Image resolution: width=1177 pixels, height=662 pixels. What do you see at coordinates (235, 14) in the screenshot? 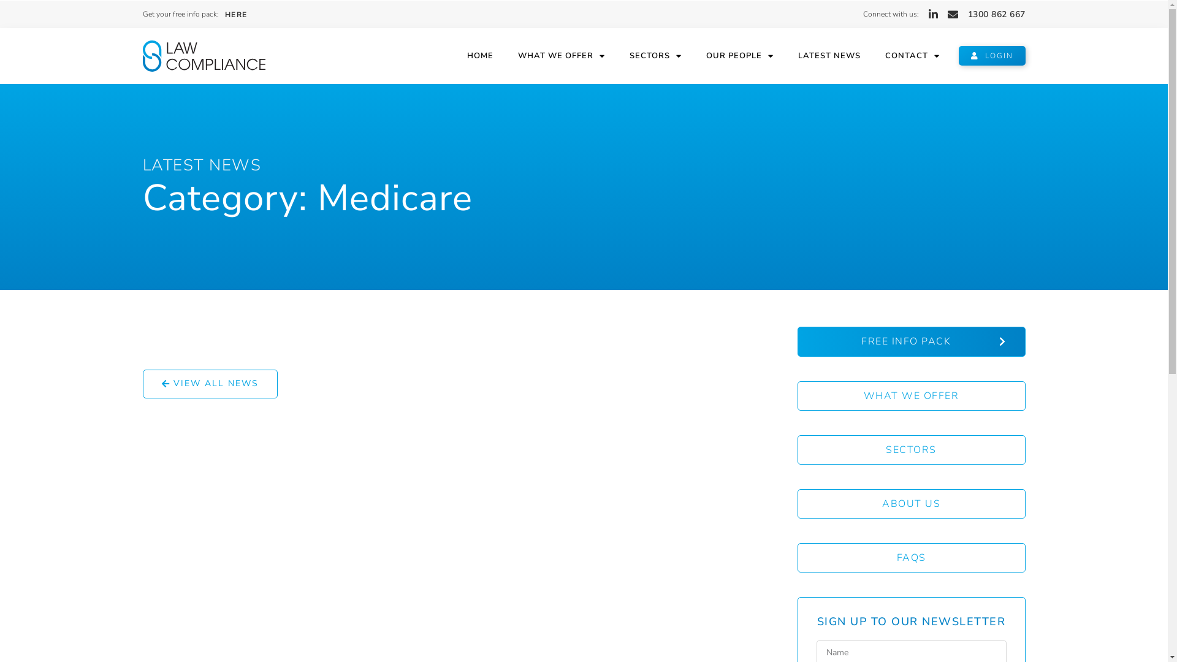
I see `'HERE'` at bounding box center [235, 14].